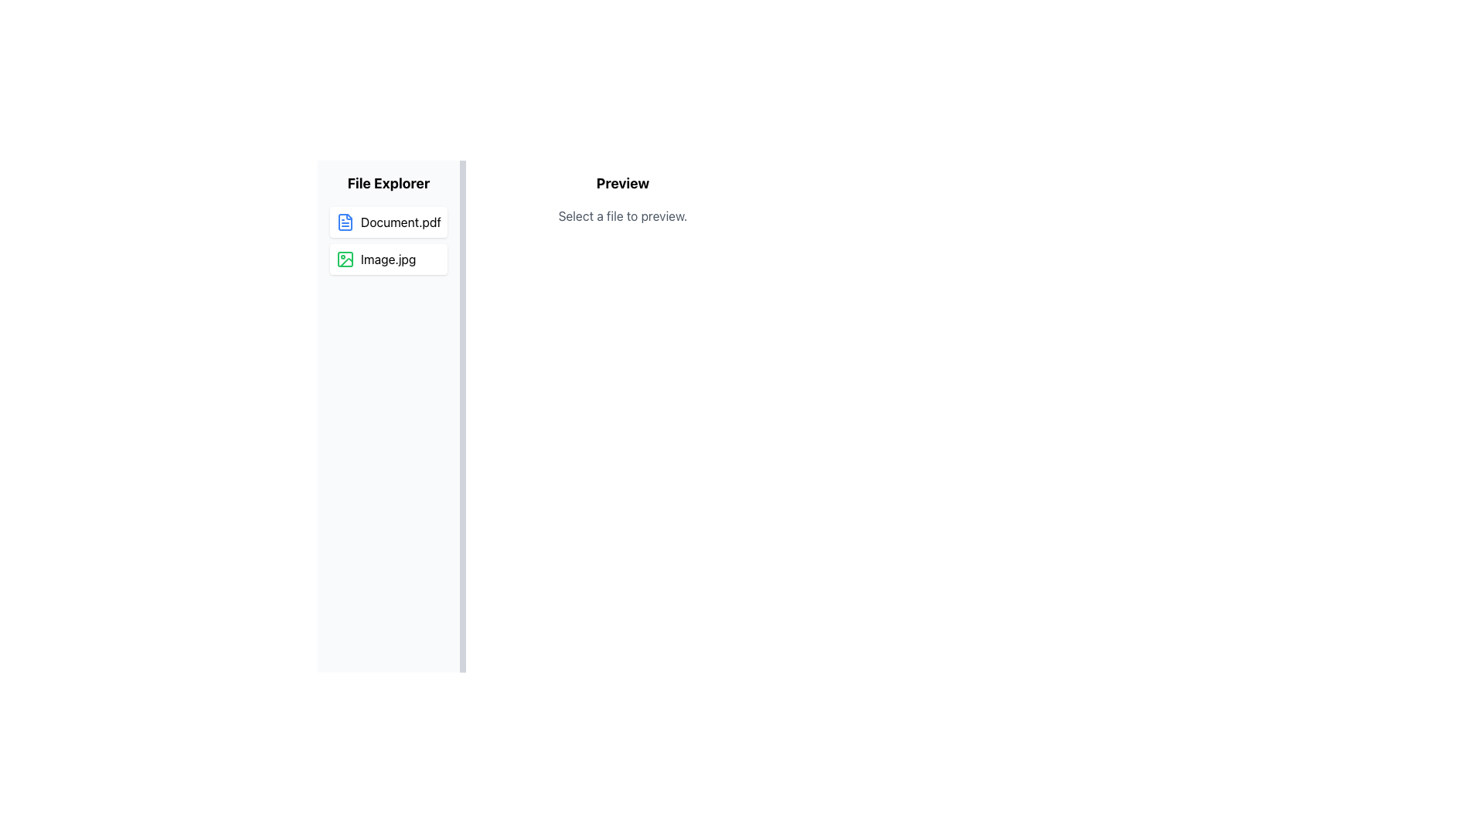  Describe the element at coordinates (344, 258) in the screenshot. I see `the decorative or status indicator icon for 'Image.jpg' located to the left of the item's label text in the file list` at that location.